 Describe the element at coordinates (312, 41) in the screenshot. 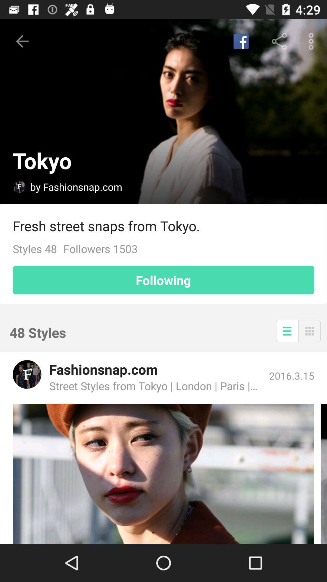

I see `item above the fresh street snaps` at that location.